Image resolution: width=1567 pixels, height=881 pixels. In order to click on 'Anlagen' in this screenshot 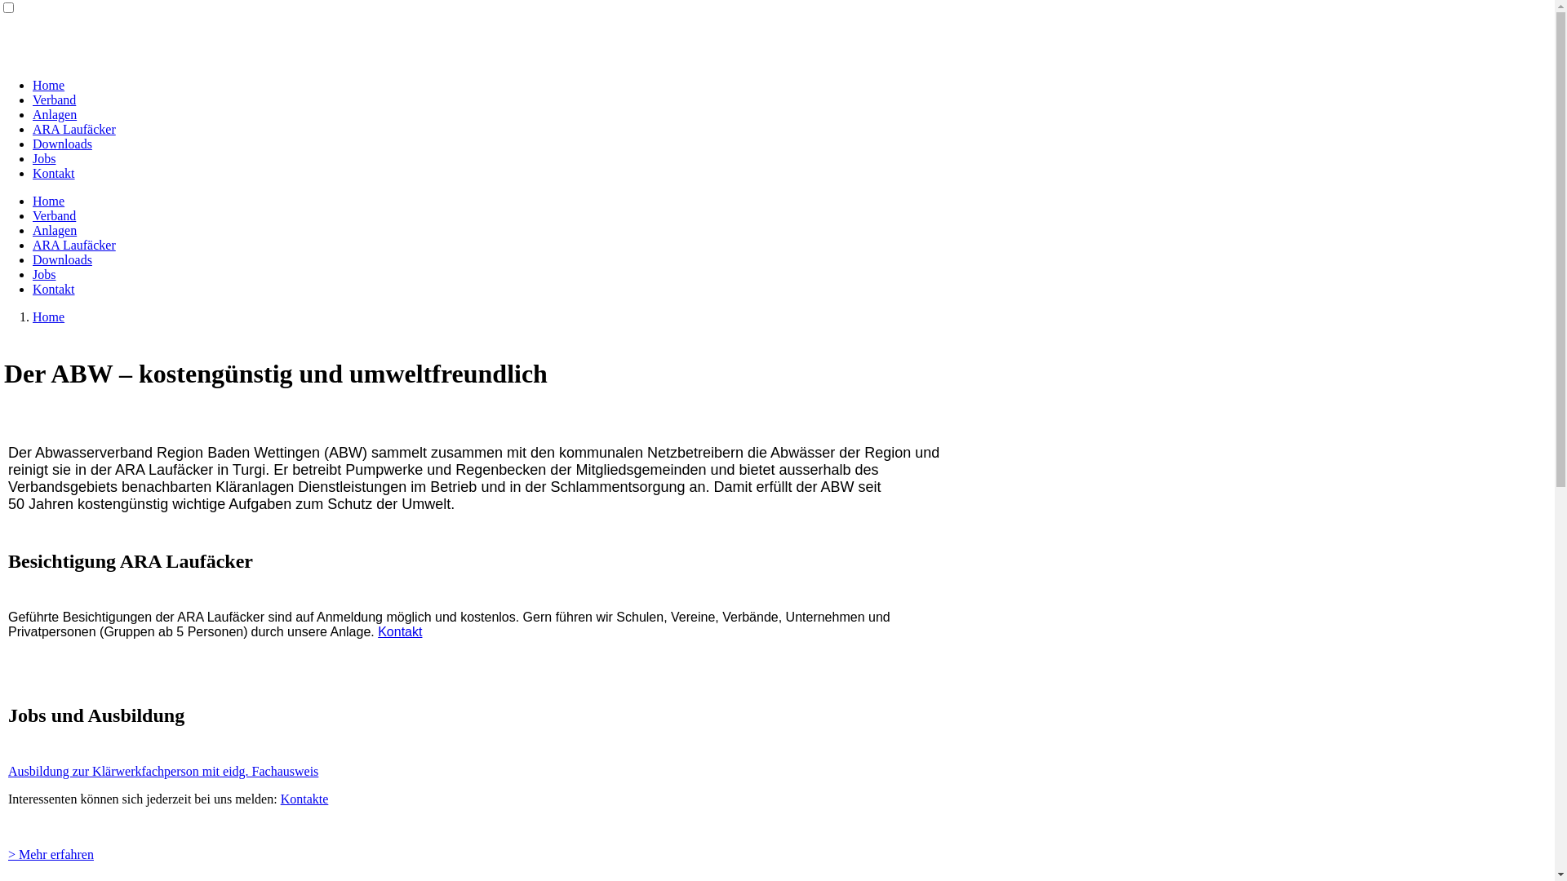, I will do `click(55, 113)`.